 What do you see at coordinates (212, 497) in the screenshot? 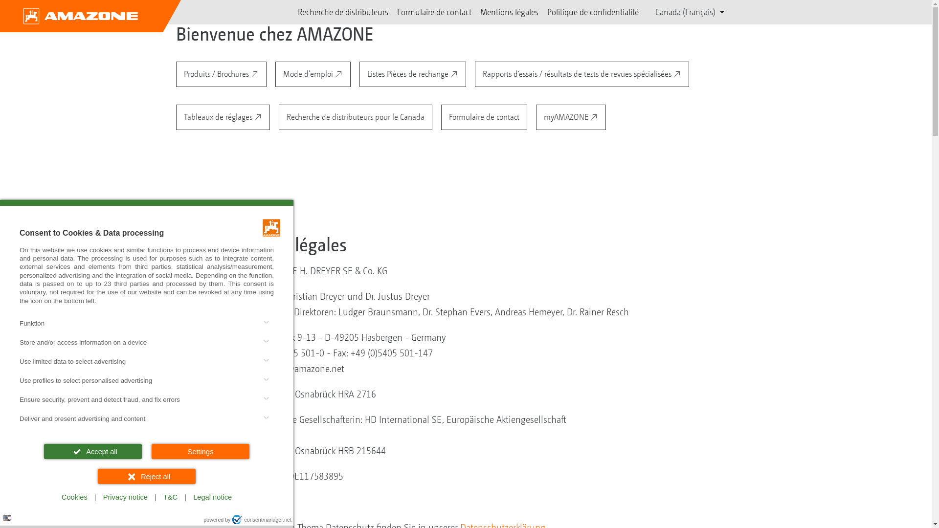
I see `'Legal notice'` at bounding box center [212, 497].